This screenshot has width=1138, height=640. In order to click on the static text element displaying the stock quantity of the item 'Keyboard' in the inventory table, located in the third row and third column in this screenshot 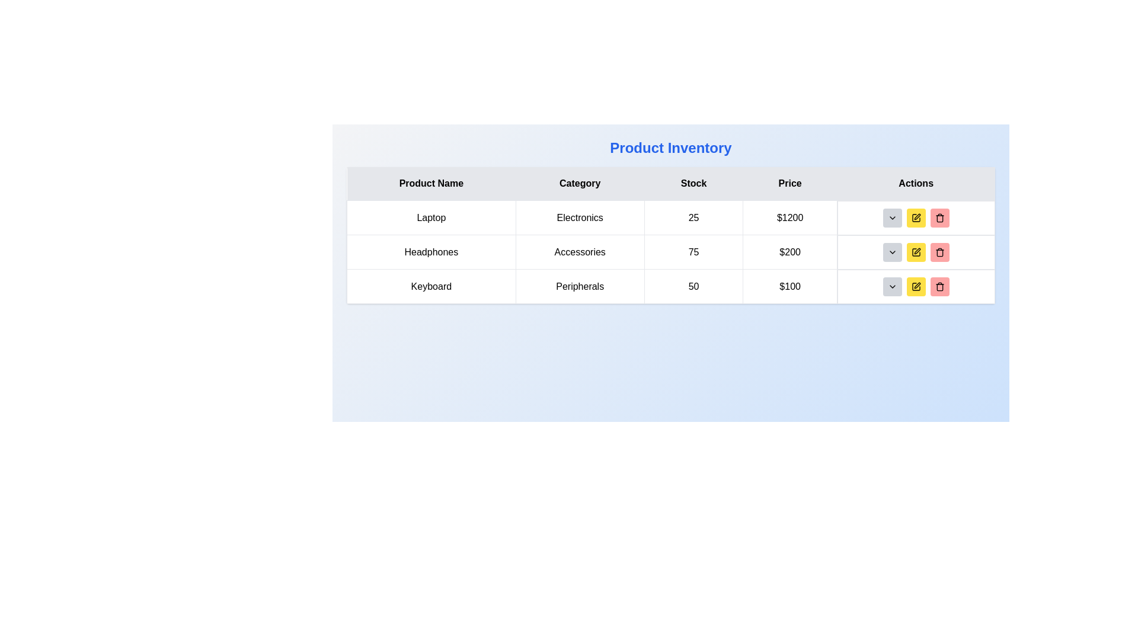, I will do `click(693, 286)`.